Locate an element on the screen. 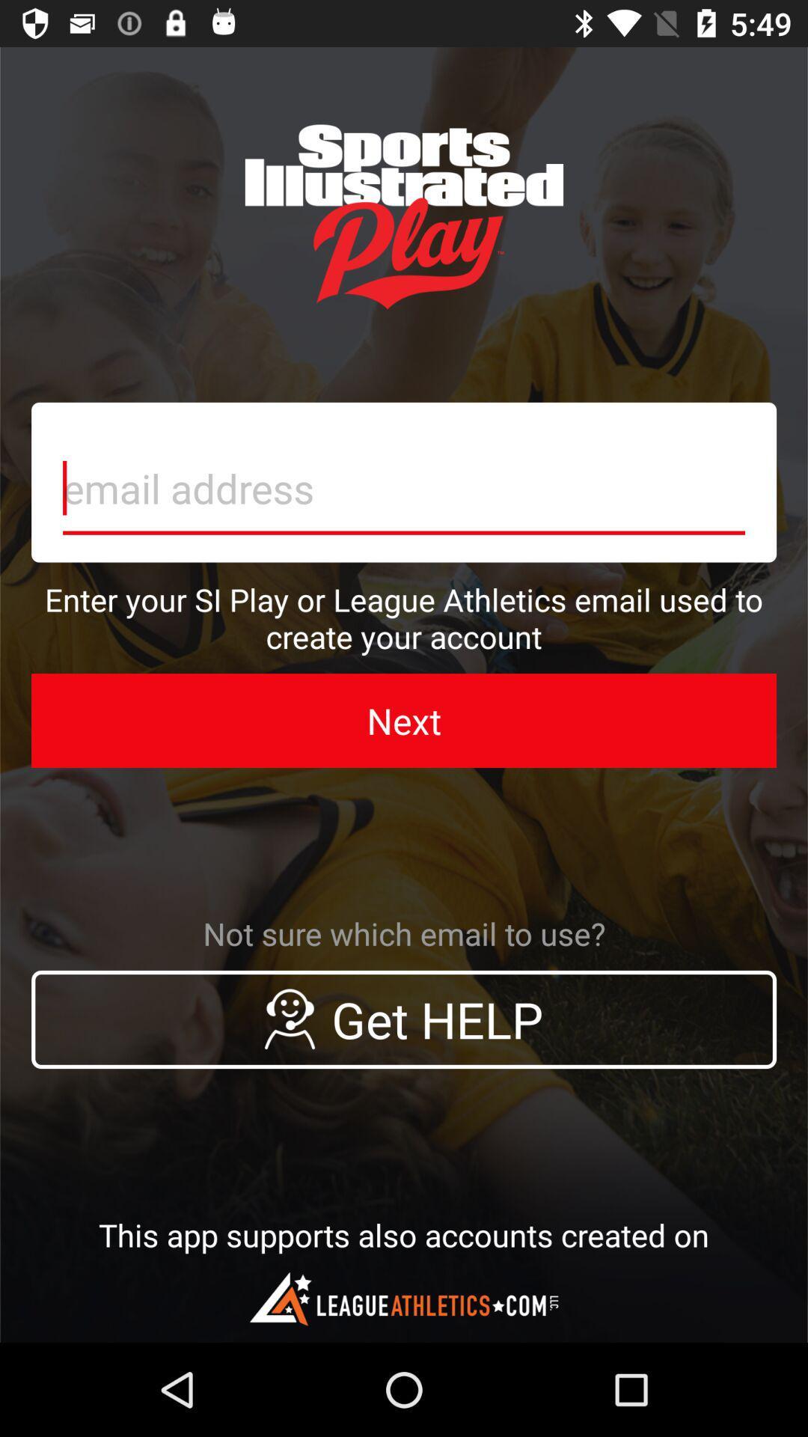 This screenshot has width=808, height=1437. the icon above the not sure which icon is located at coordinates (404, 721).